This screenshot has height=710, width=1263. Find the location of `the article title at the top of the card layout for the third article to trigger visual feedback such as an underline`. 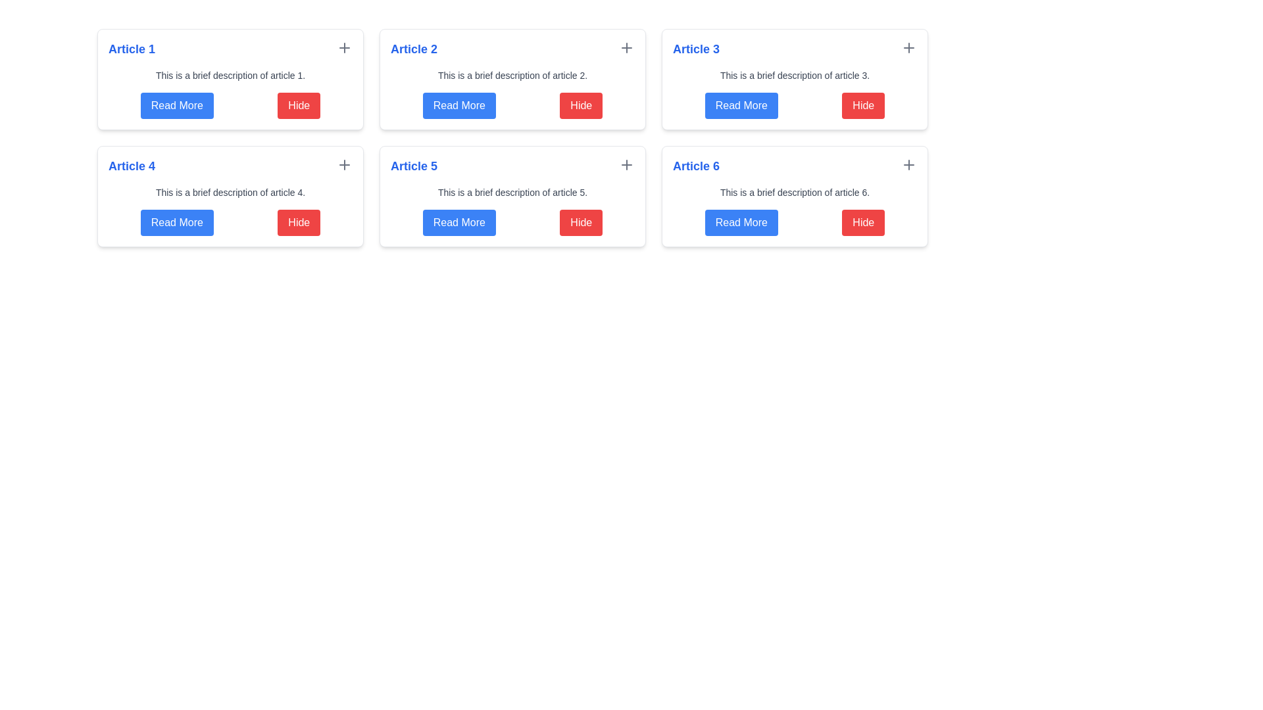

the article title at the top of the card layout for the third article to trigger visual feedback such as an underline is located at coordinates (794, 48).